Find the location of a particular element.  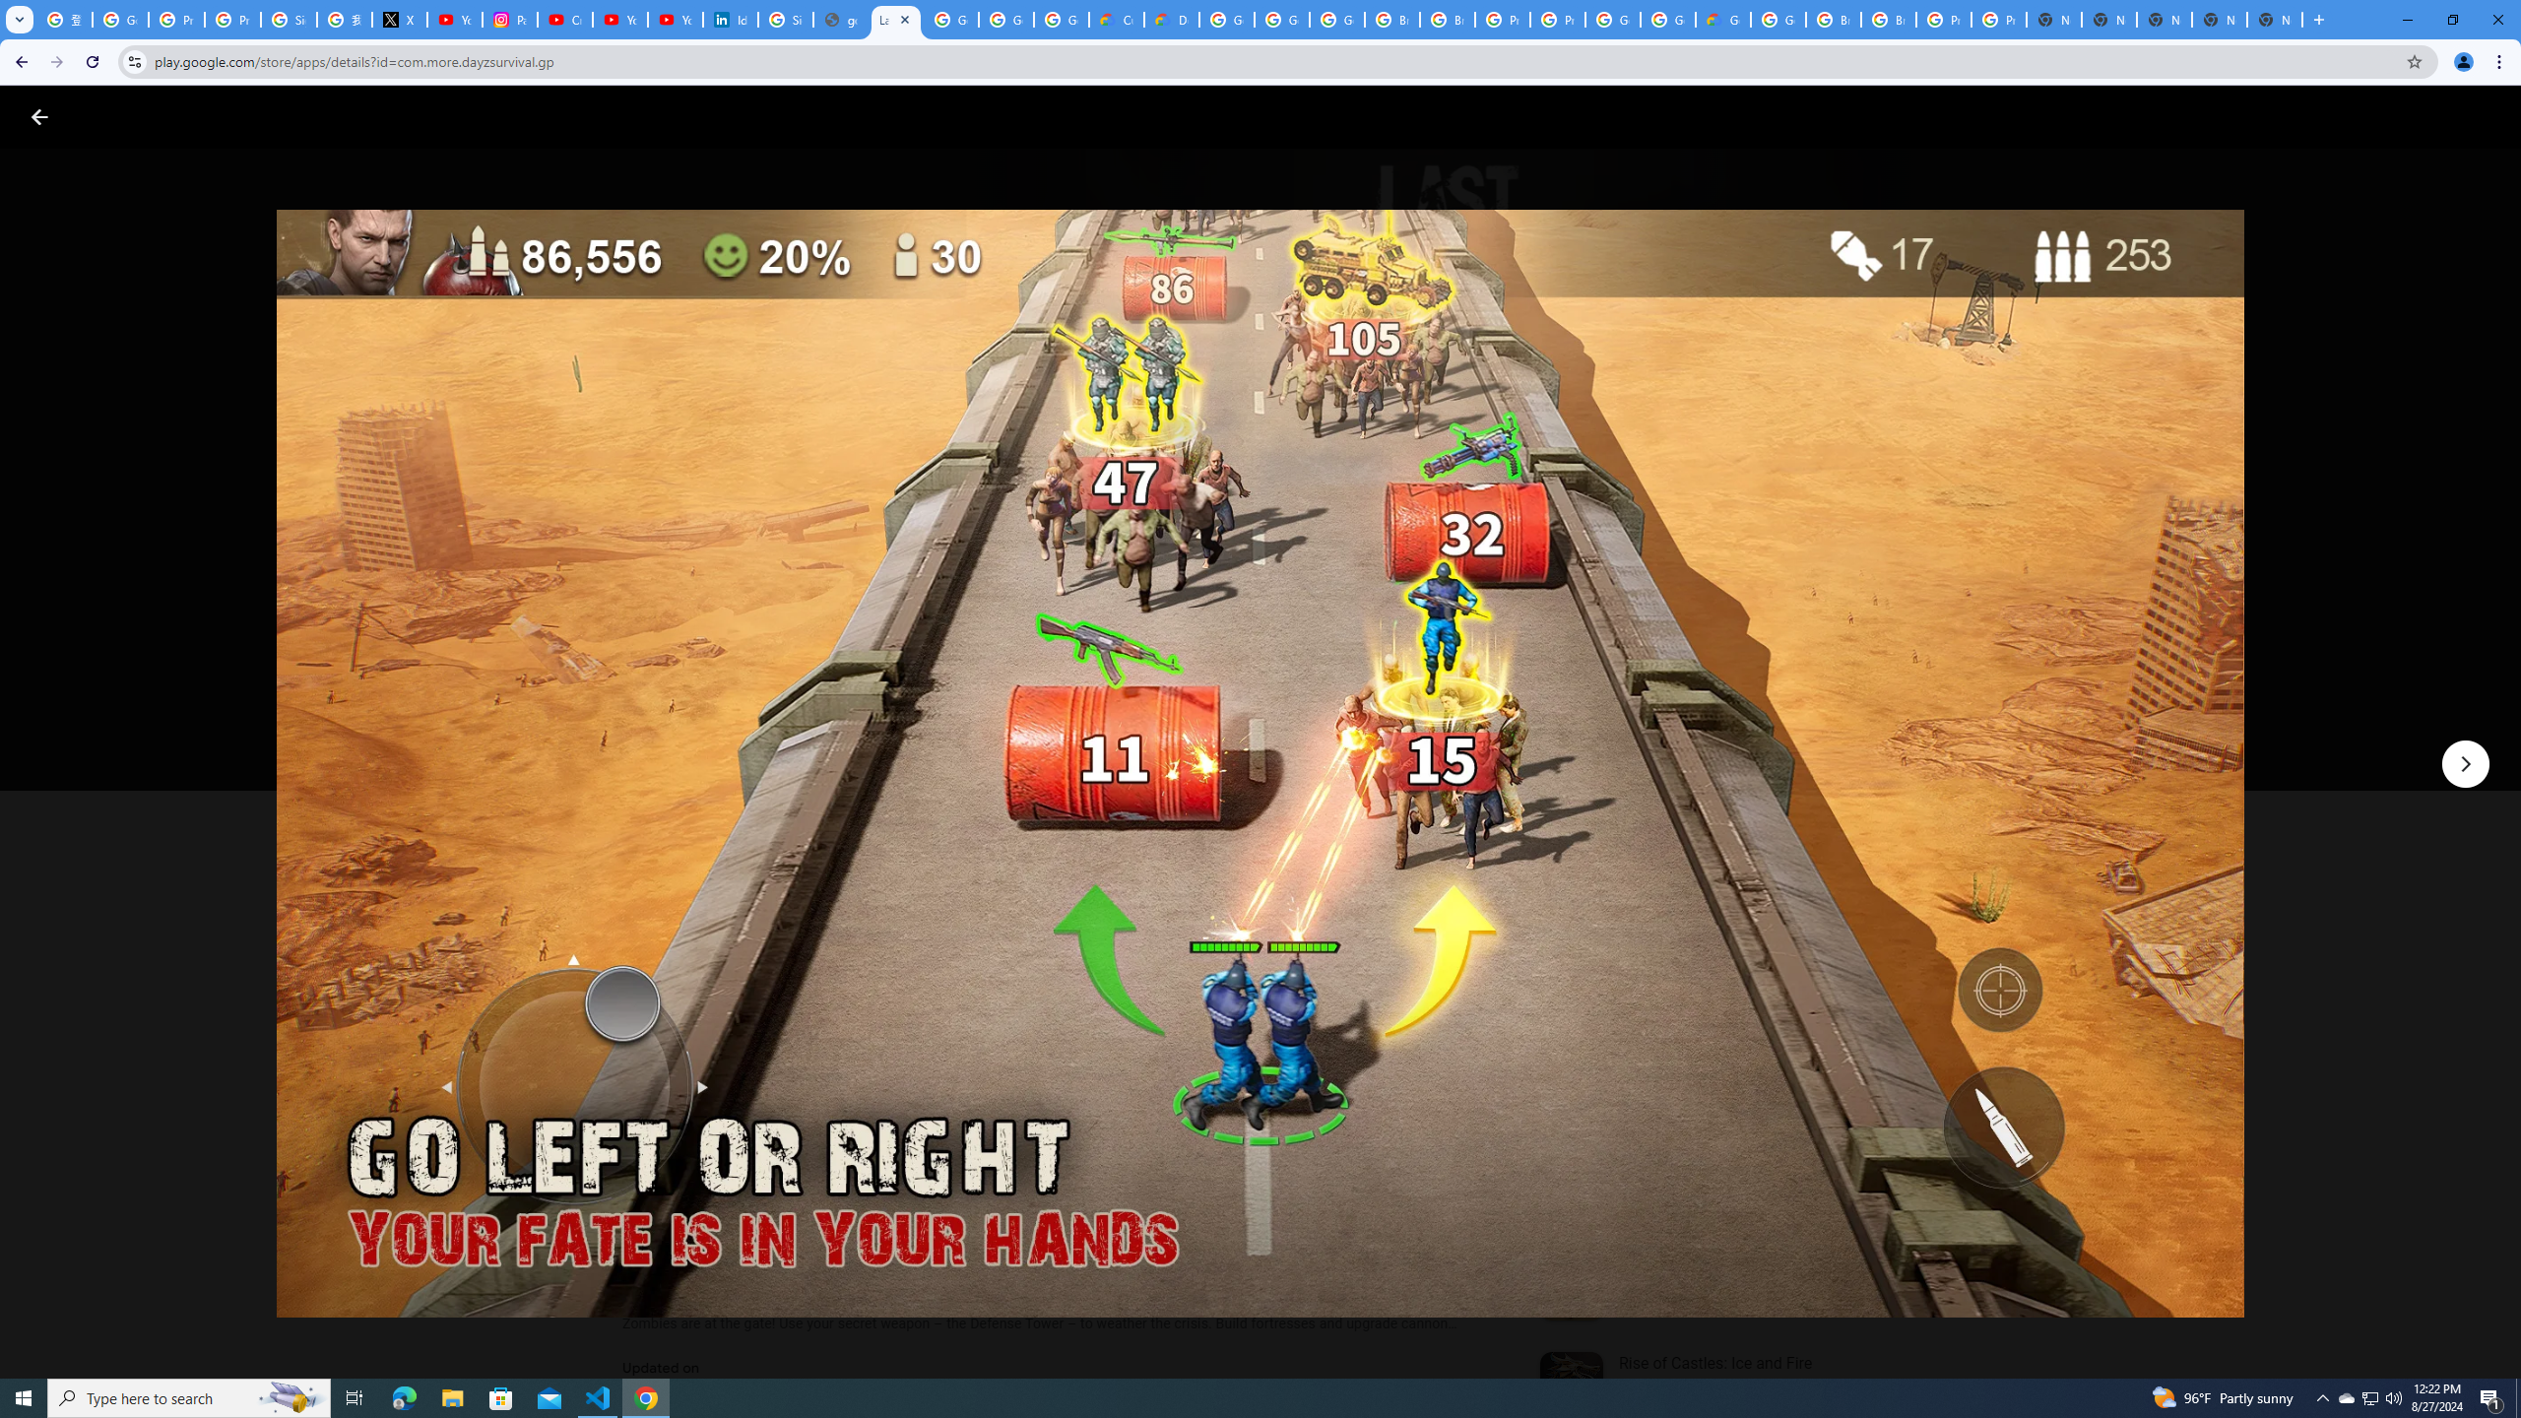

'Sign in - Google Accounts' is located at coordinates (289, 19).